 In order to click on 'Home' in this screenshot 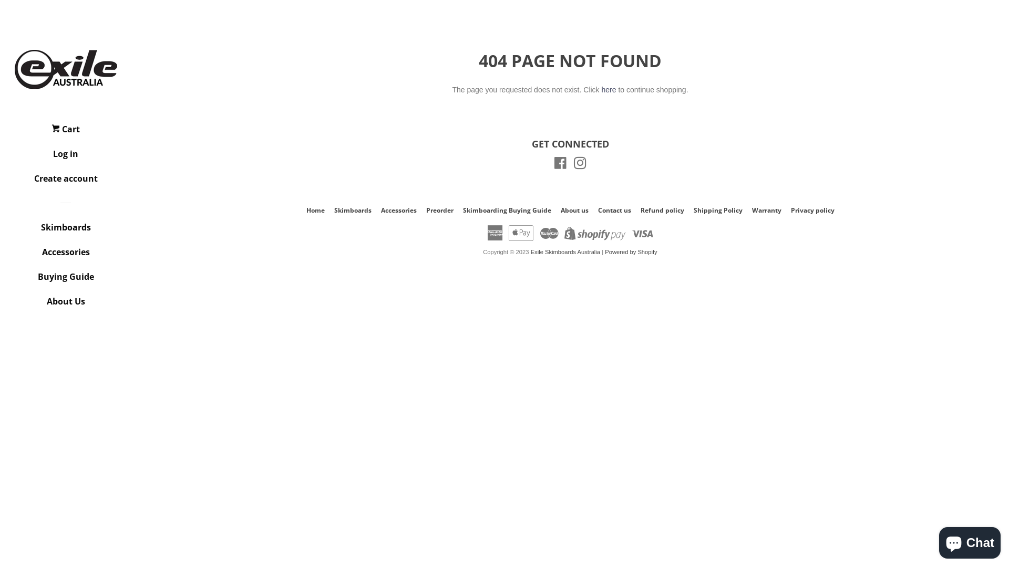, I will do `click(314, 210)`.